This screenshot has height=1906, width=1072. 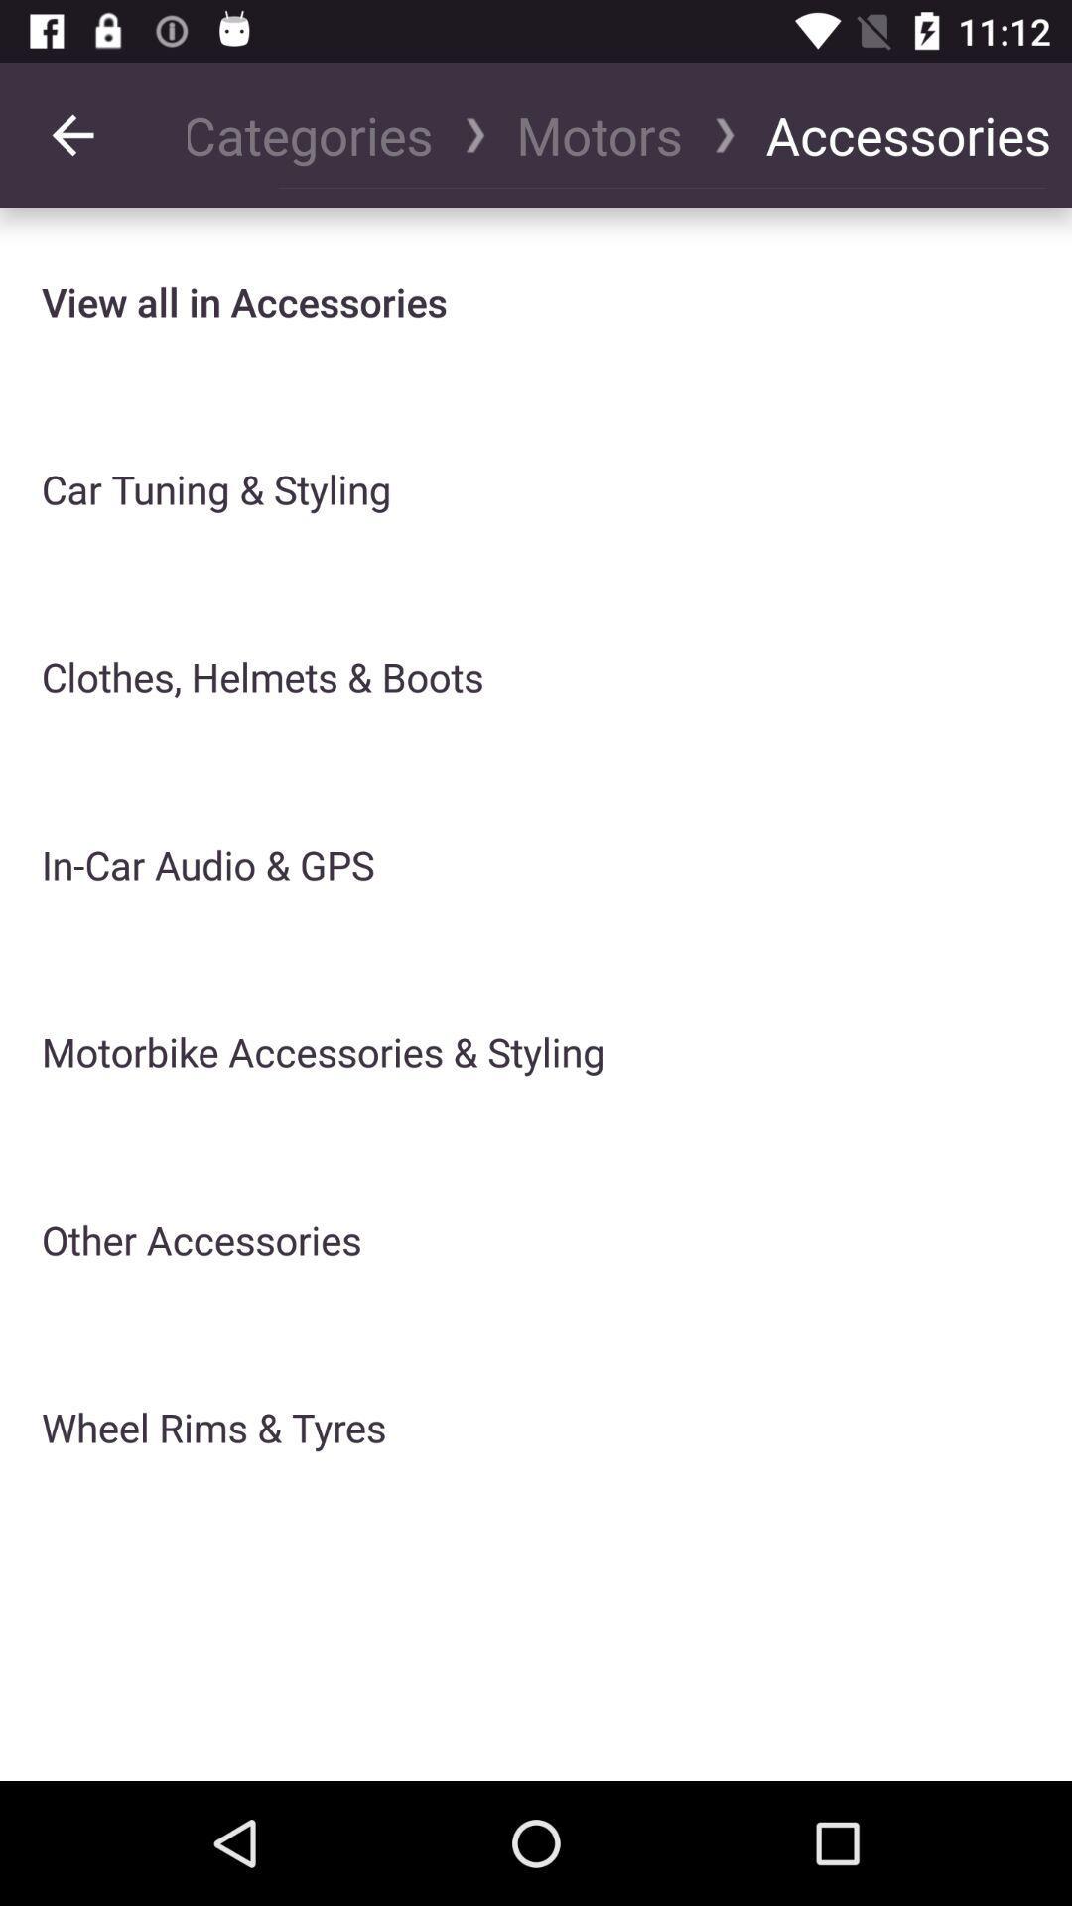 I want to click on the view all in icon, so click(x=243, y=301).